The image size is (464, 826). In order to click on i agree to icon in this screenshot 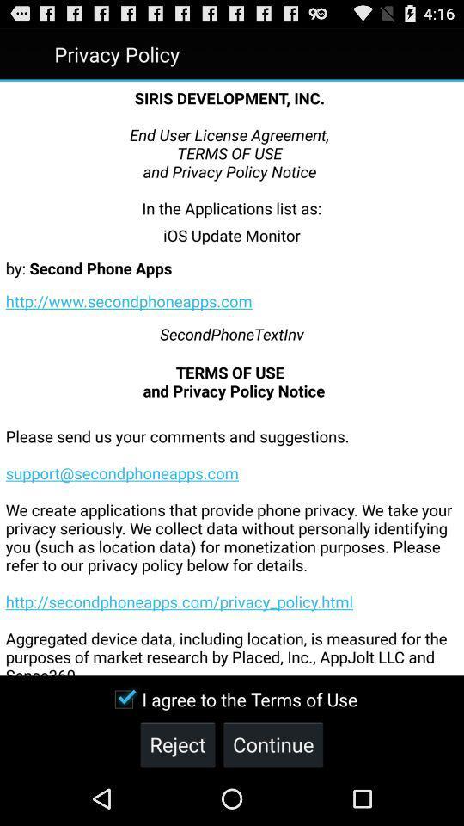, I will do `click(231, 700)`.